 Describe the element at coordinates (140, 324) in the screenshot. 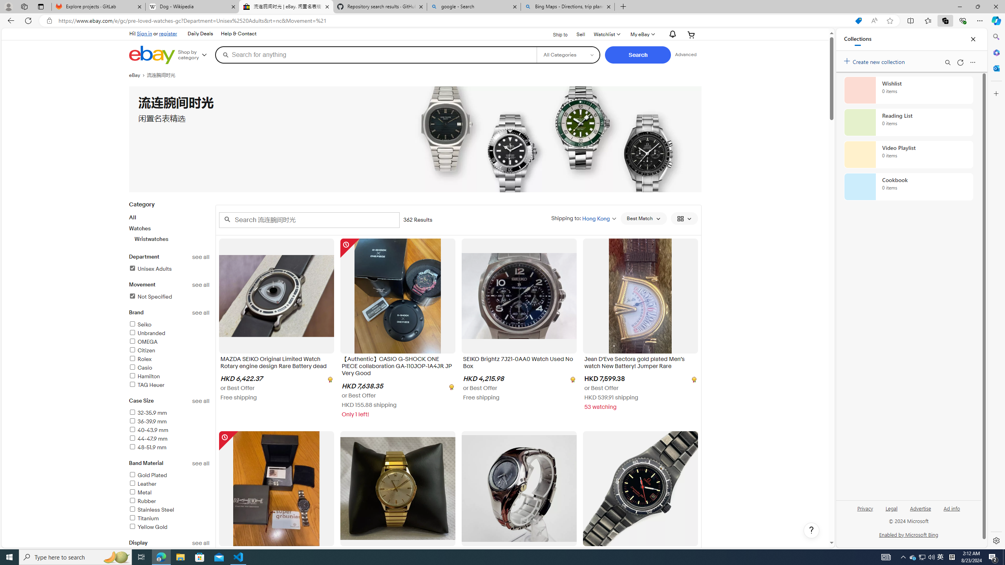

I see `'Seiko'` at that location.